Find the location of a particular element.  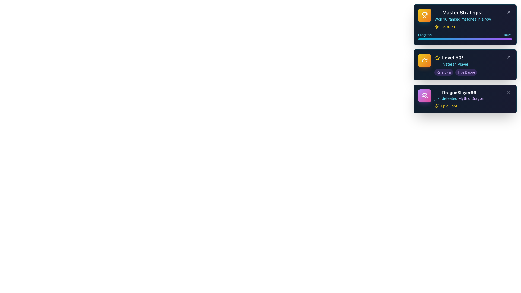

the decorative icon associated with the text 'Epic Loot' by pressing the Tab key is located at coordinates (436, 106).